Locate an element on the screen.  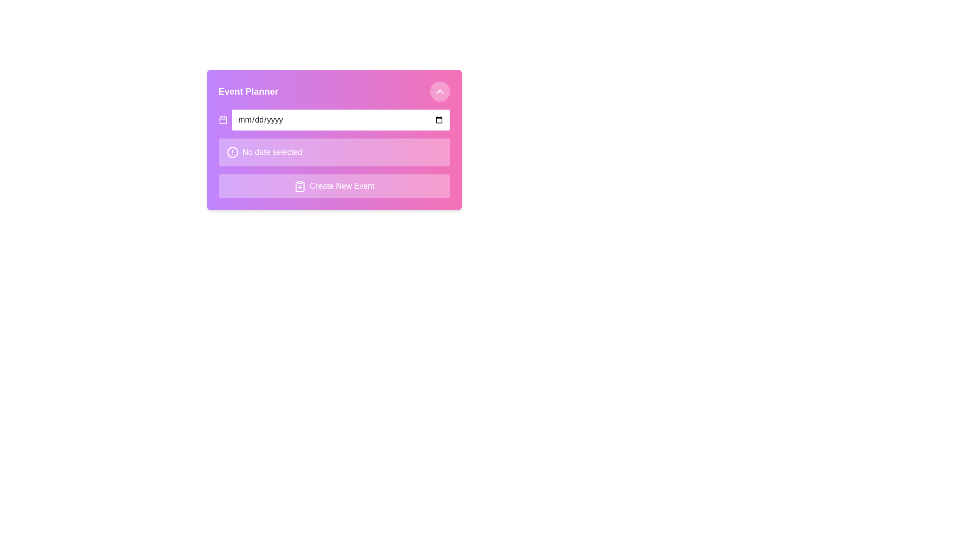
the small black circle icon located in the purple gradient input form labeled 'No date selected' in the Event Planner section is located at coordinates (232, 152).